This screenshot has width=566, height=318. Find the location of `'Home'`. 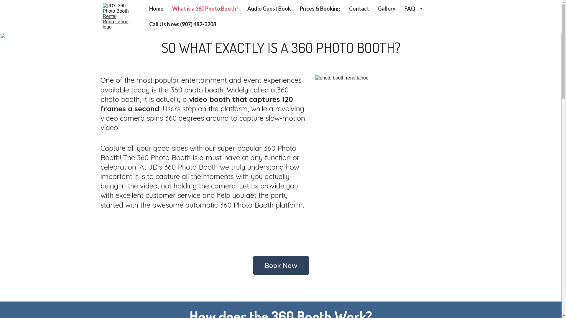

'Home' is located at coordinates (156, 9).